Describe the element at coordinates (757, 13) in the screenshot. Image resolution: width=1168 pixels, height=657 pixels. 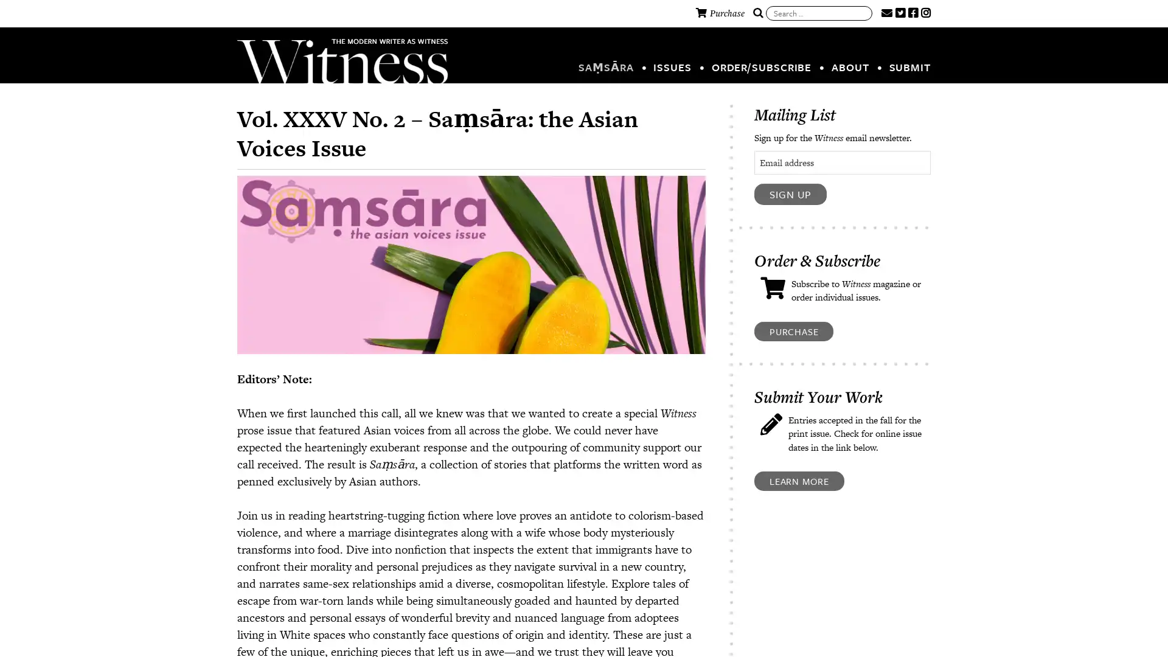
I see `Search` at that location.